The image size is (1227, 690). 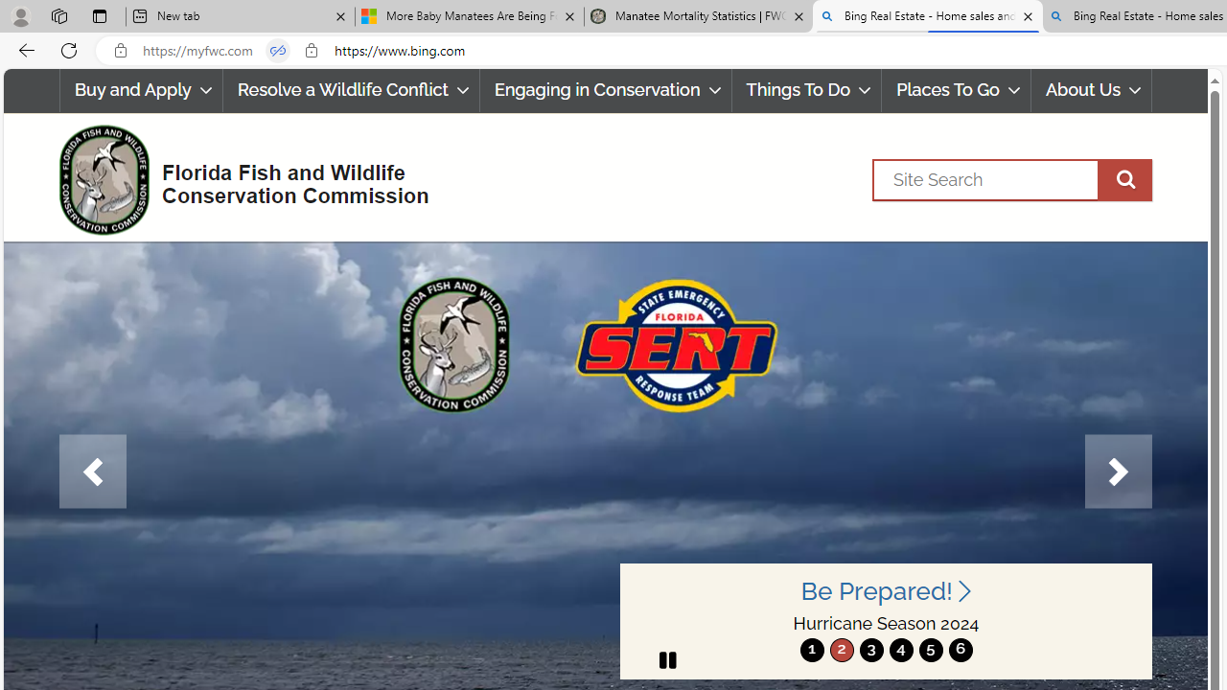 What do you see at coordinates (812, 649) in the screenshot?
I see `'move to slide 1'` at bounding box center [812, 649].